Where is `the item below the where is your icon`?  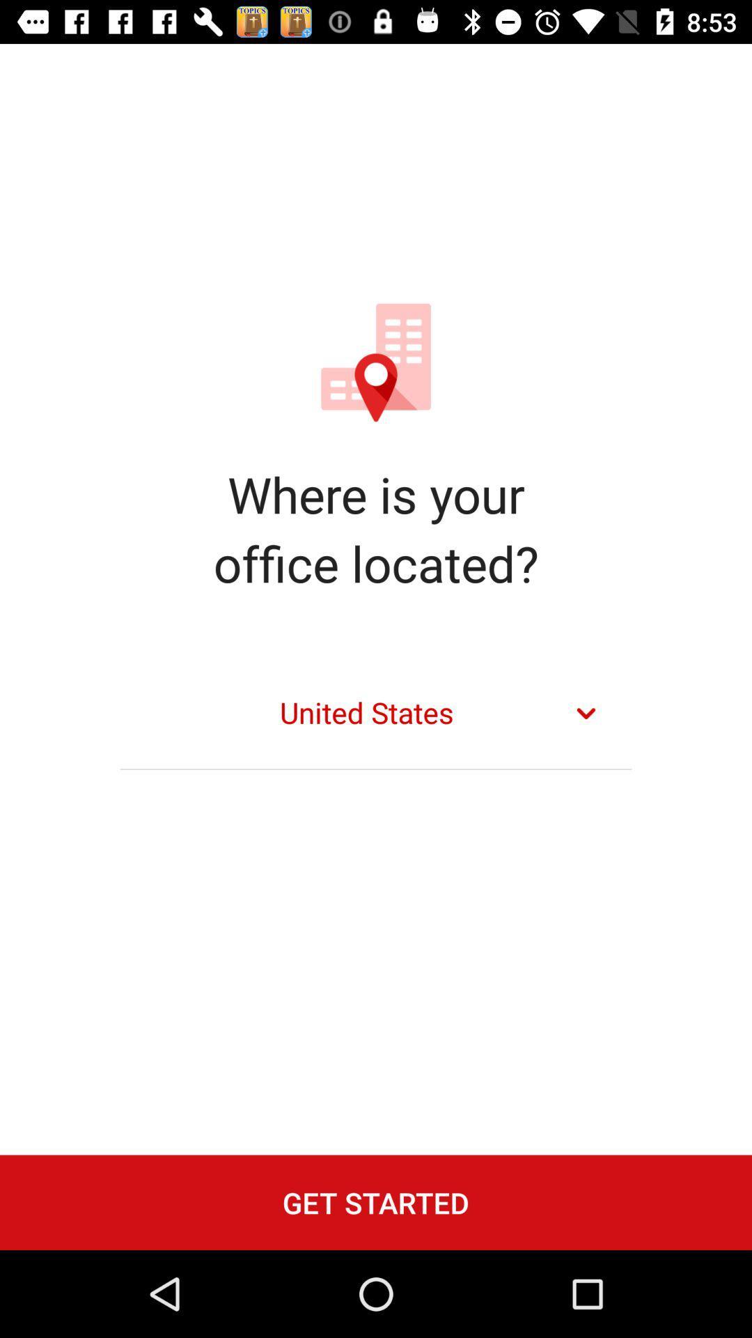
the item below the where is your icon is located at coordinates (376, 714).